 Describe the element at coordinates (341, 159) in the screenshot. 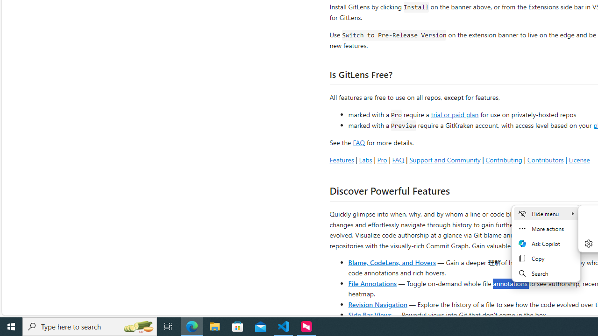

I see `'Features'` at that location.